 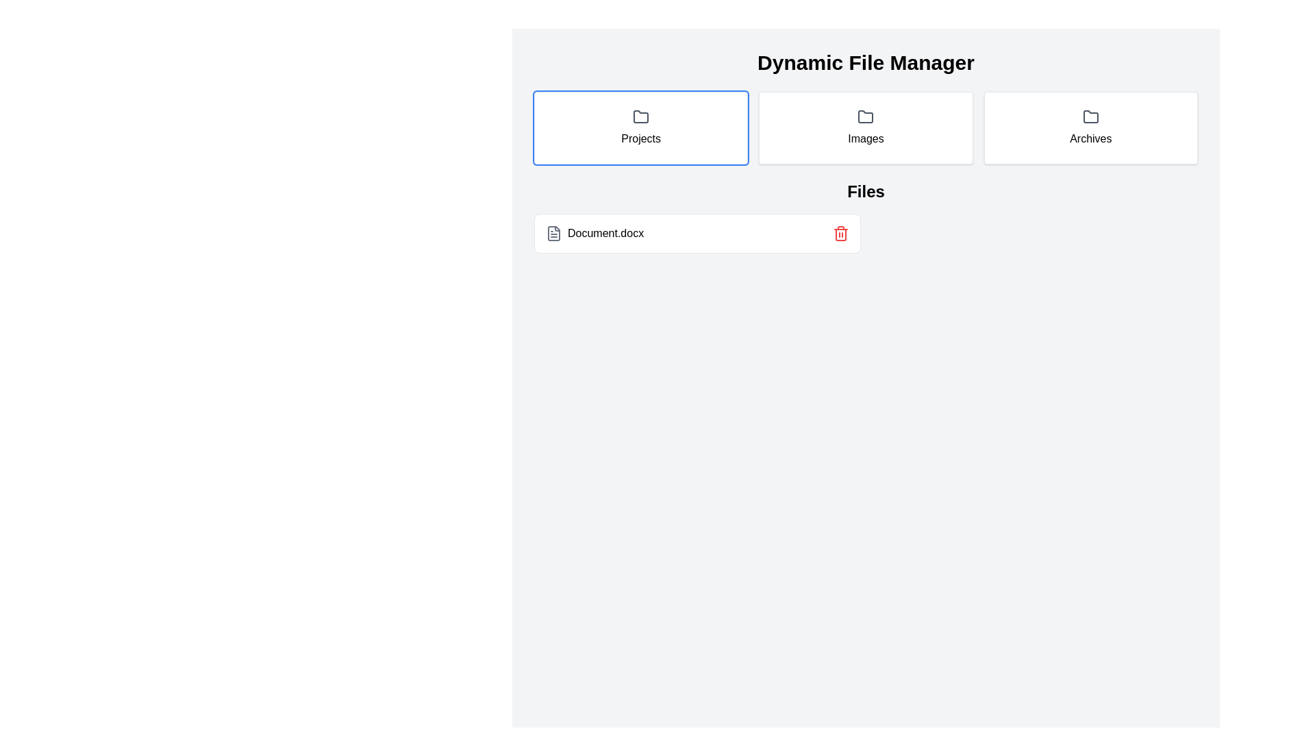 What do you see at coordinates (554, 232) in the screenshot?
I see `the document file icon located to the left of the text label 'Document.docx' in the file entry row` at bounding box center [554, 232].